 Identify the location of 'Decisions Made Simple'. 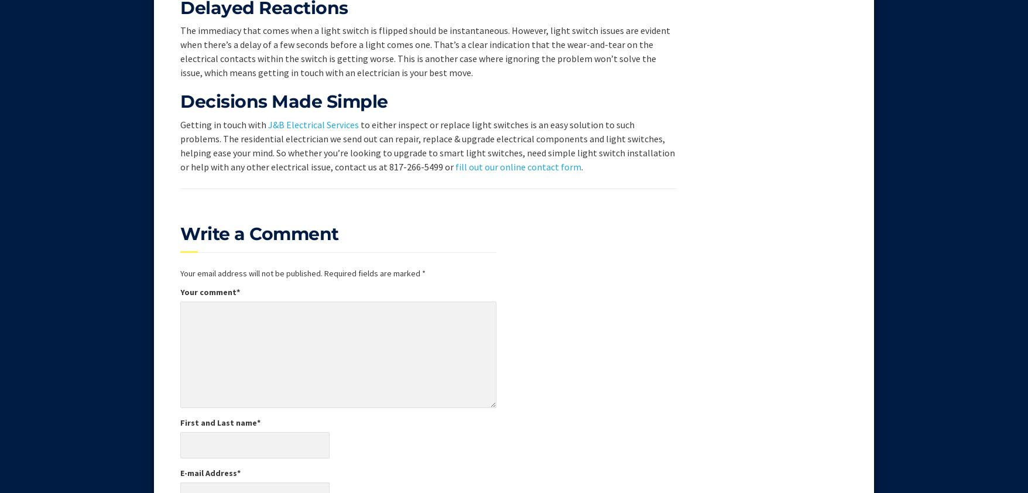
(284, 101).